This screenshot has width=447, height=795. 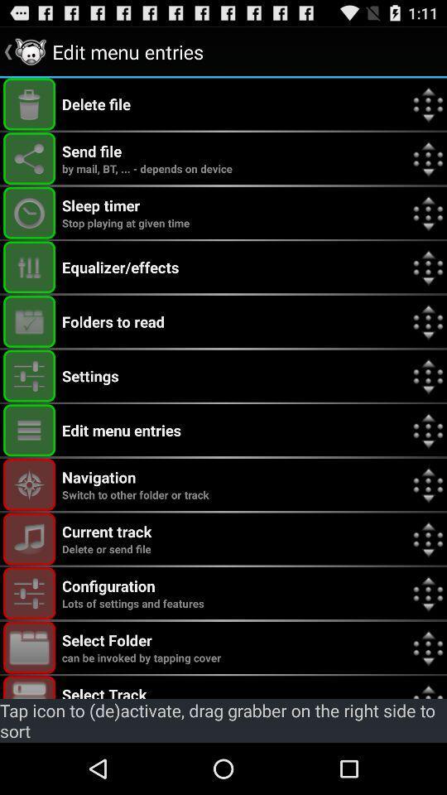 What do you see at coordinates (29, 104) in the screenshot?
I see `click the delete option` at bounding box center [29, 104].